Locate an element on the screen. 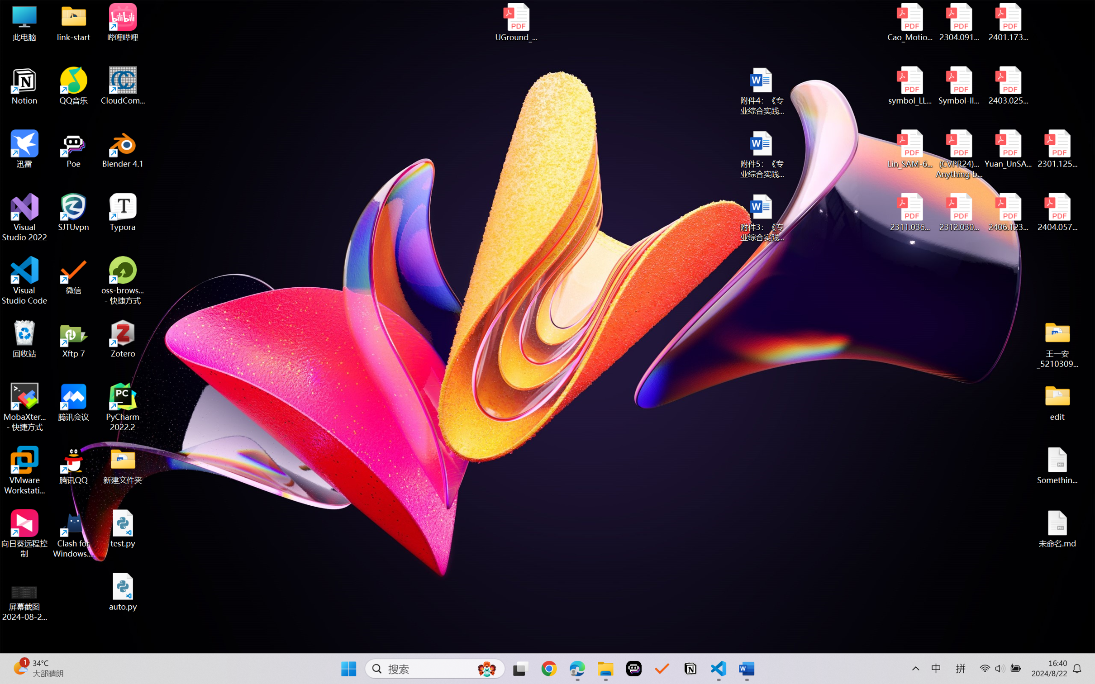 The width and height of the screenshot is (1095, 684). 'Symbol-llm-v2.pdf' is located at coordinates (958, 86).